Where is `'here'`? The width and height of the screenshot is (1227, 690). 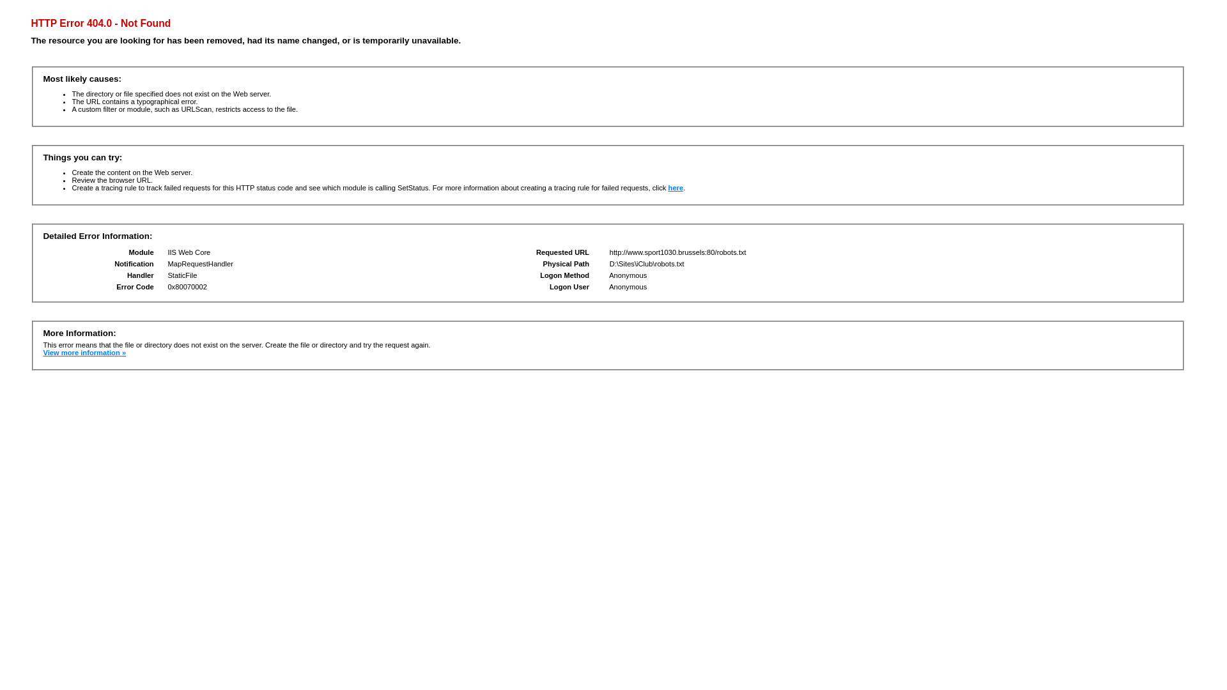
'here' is located at coordinates (668, 187).